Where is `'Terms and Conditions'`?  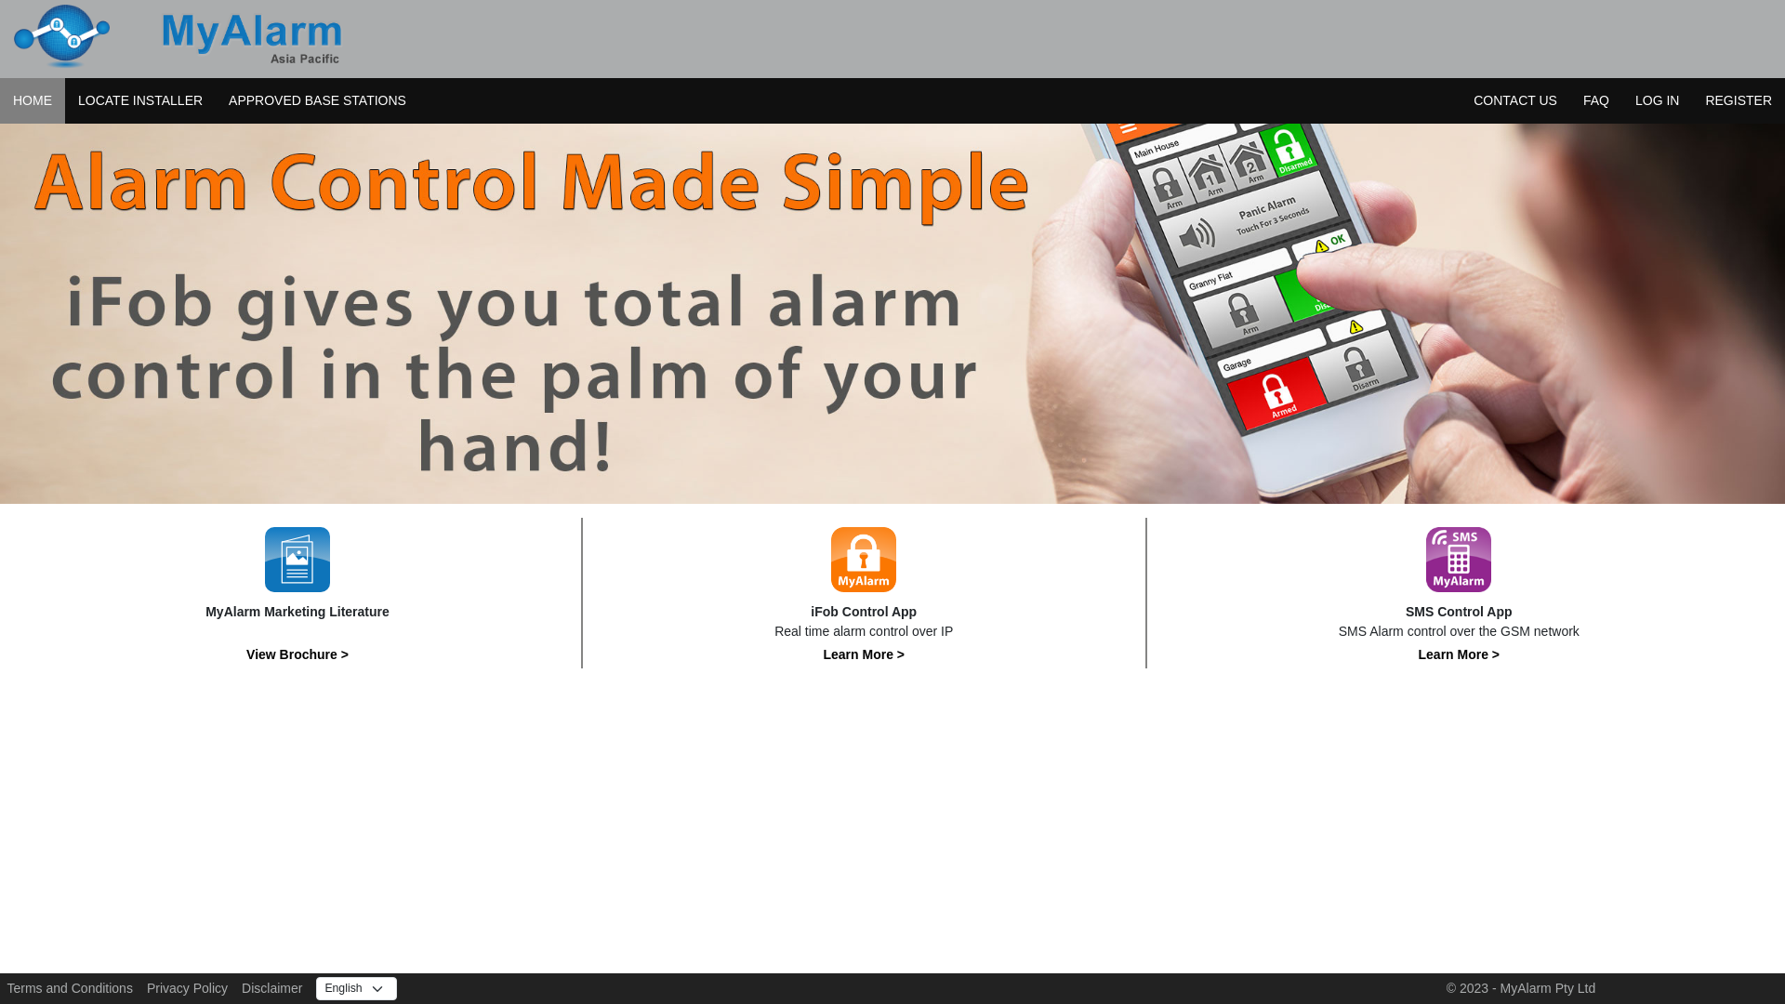 'Terms and Conditions' is located at coordinates (70, 987).